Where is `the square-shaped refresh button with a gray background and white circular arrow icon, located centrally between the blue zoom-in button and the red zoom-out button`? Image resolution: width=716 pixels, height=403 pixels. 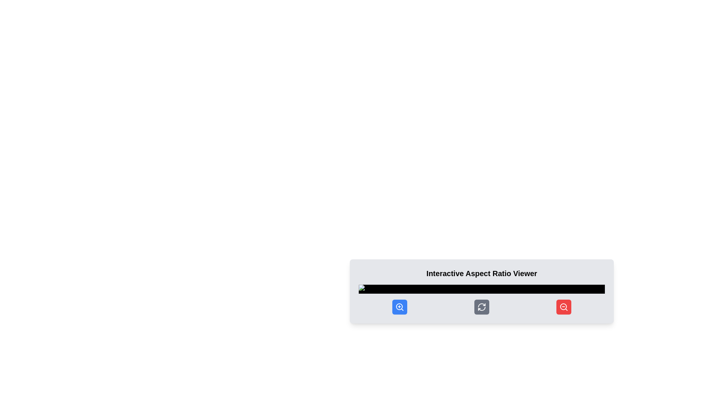
the square-shaped refresh button with a gray background and white circular arrow icon, located centrally between the blue zoom-in button and the red zoom-out button is located at coordinates (481, 307).